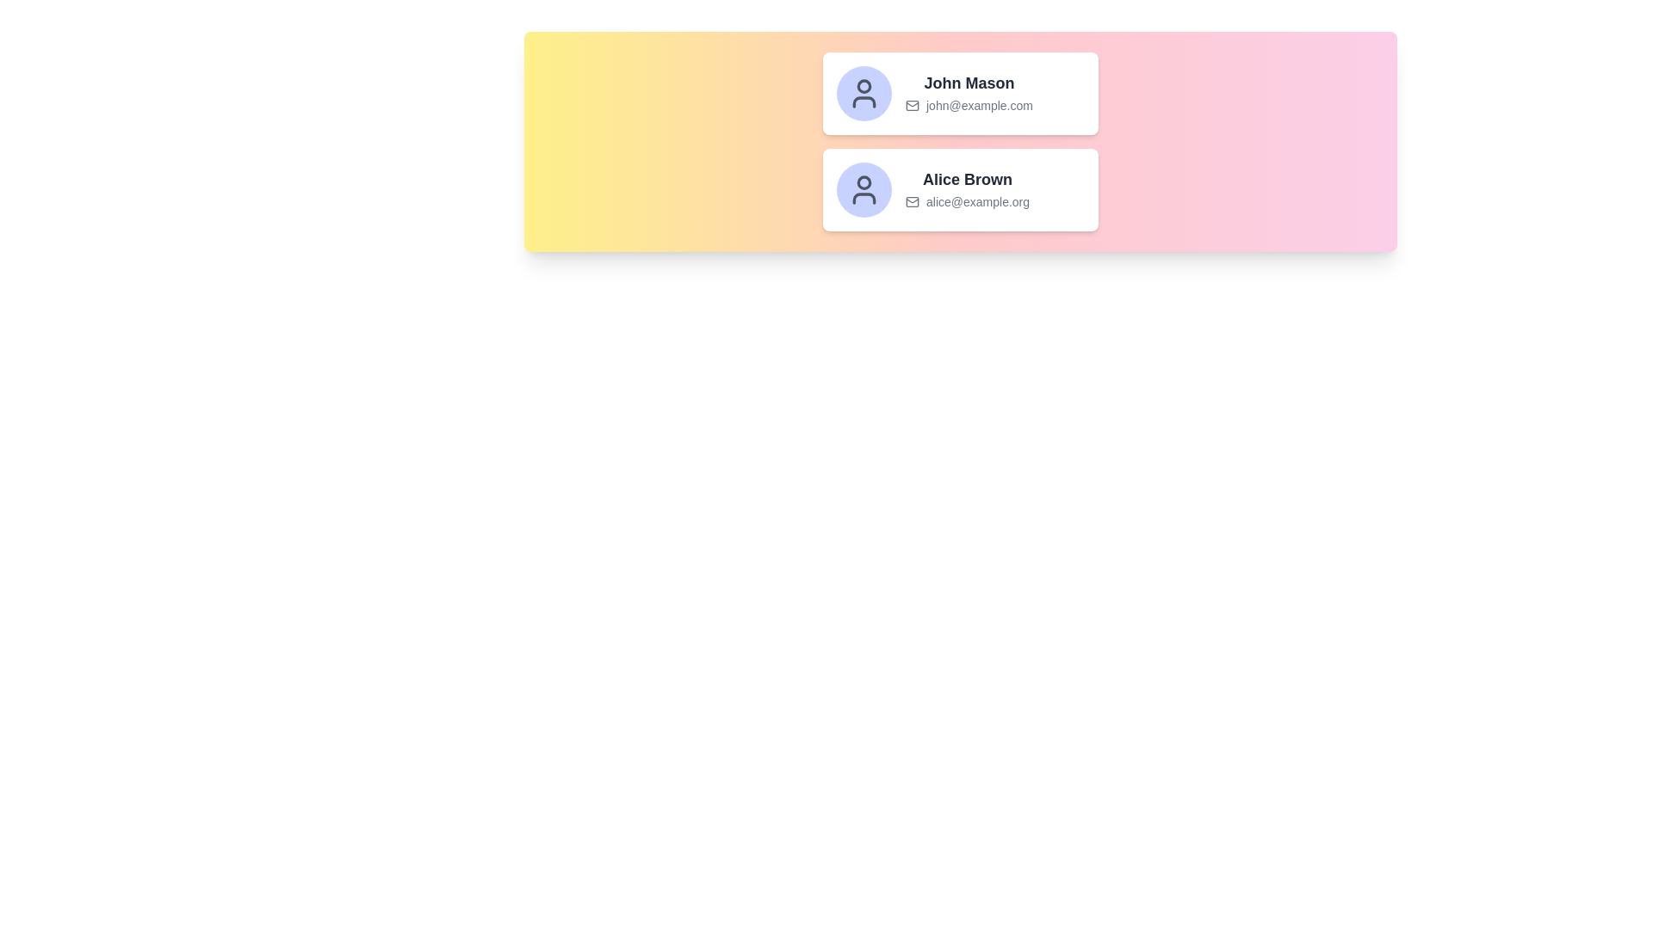 Image resolution: width=1653 pixels, height=929 pixels. I want to click on the profile icon of 'Alice Brown', which is a user silhouette icon with a gray outline and transparent fill, located in a light blue circular background to the left of her name and email address, so click(864, 189).